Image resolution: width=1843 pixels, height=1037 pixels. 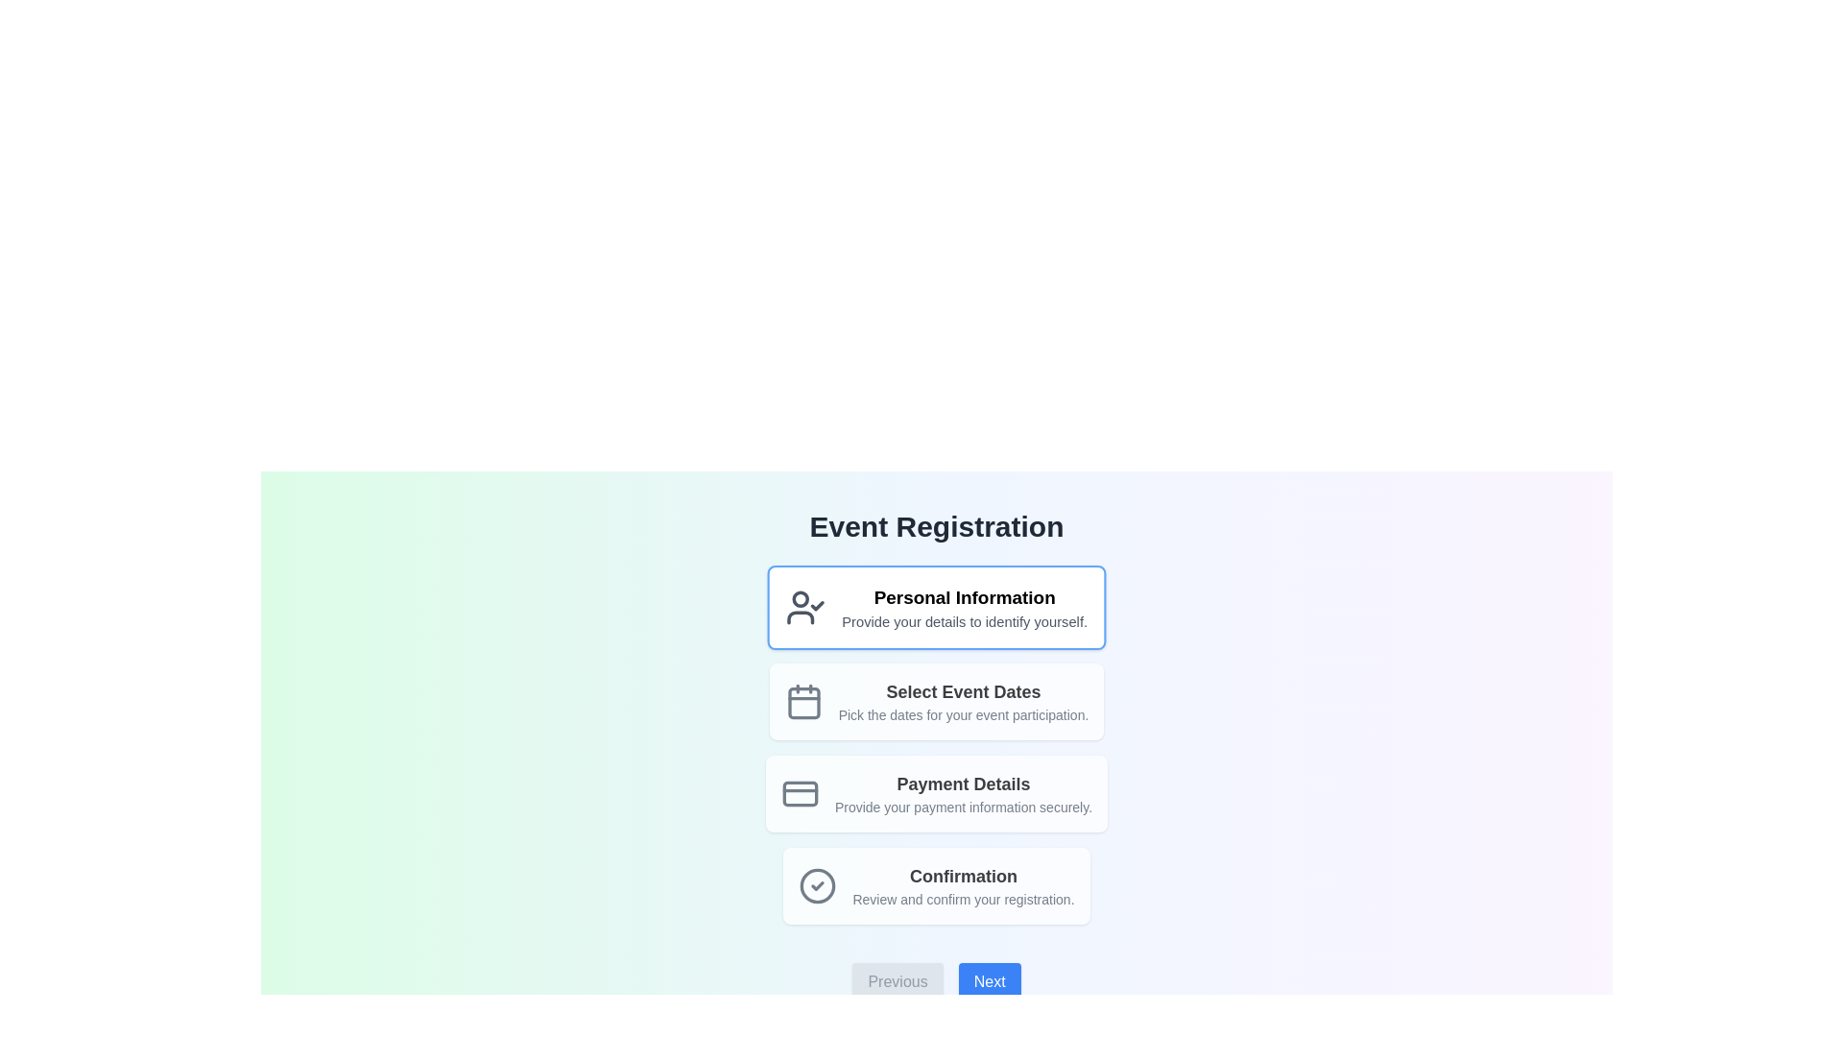 What do you see at coordinates (818, 885) in the screenshot?
I see `the circular confirmation icon with a gray outline and a checkmark inside, located at the bottom of the steps list` at bounding box center [818, 885].